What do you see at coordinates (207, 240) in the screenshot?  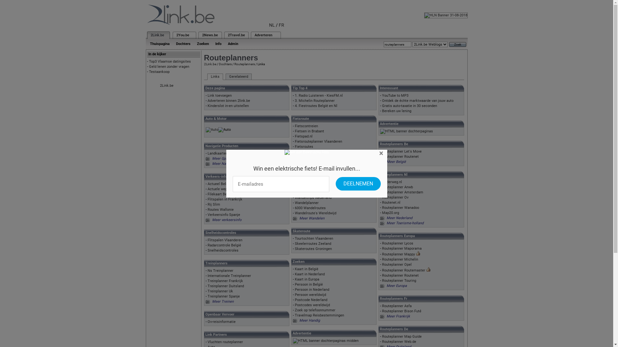 I see `'Flitspalen Vlaanderen'` at bounding box center [207, 240].